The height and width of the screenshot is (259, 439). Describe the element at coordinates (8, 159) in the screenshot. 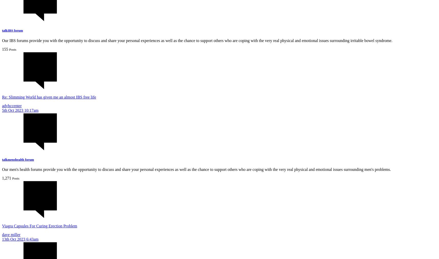

I see `'menshealth'` at that location.